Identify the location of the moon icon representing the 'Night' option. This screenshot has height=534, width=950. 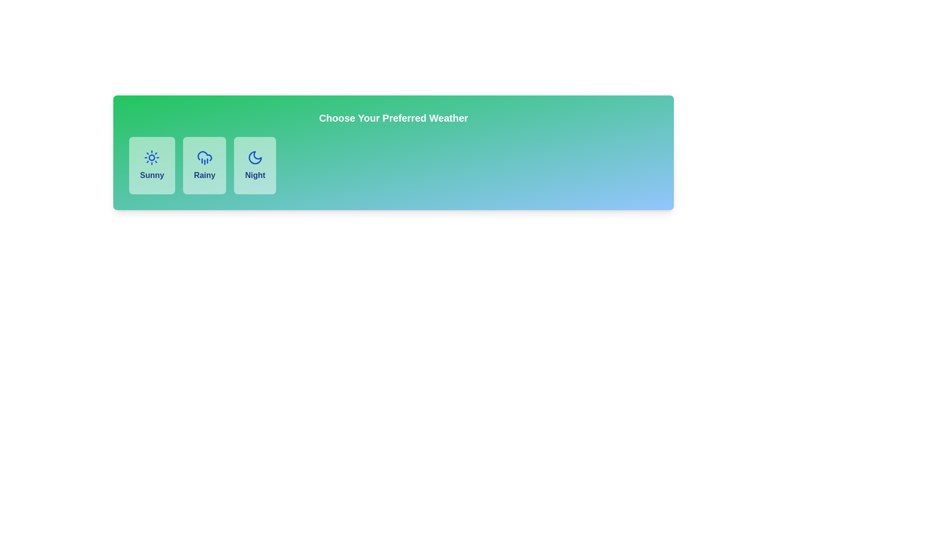
(255, 157).